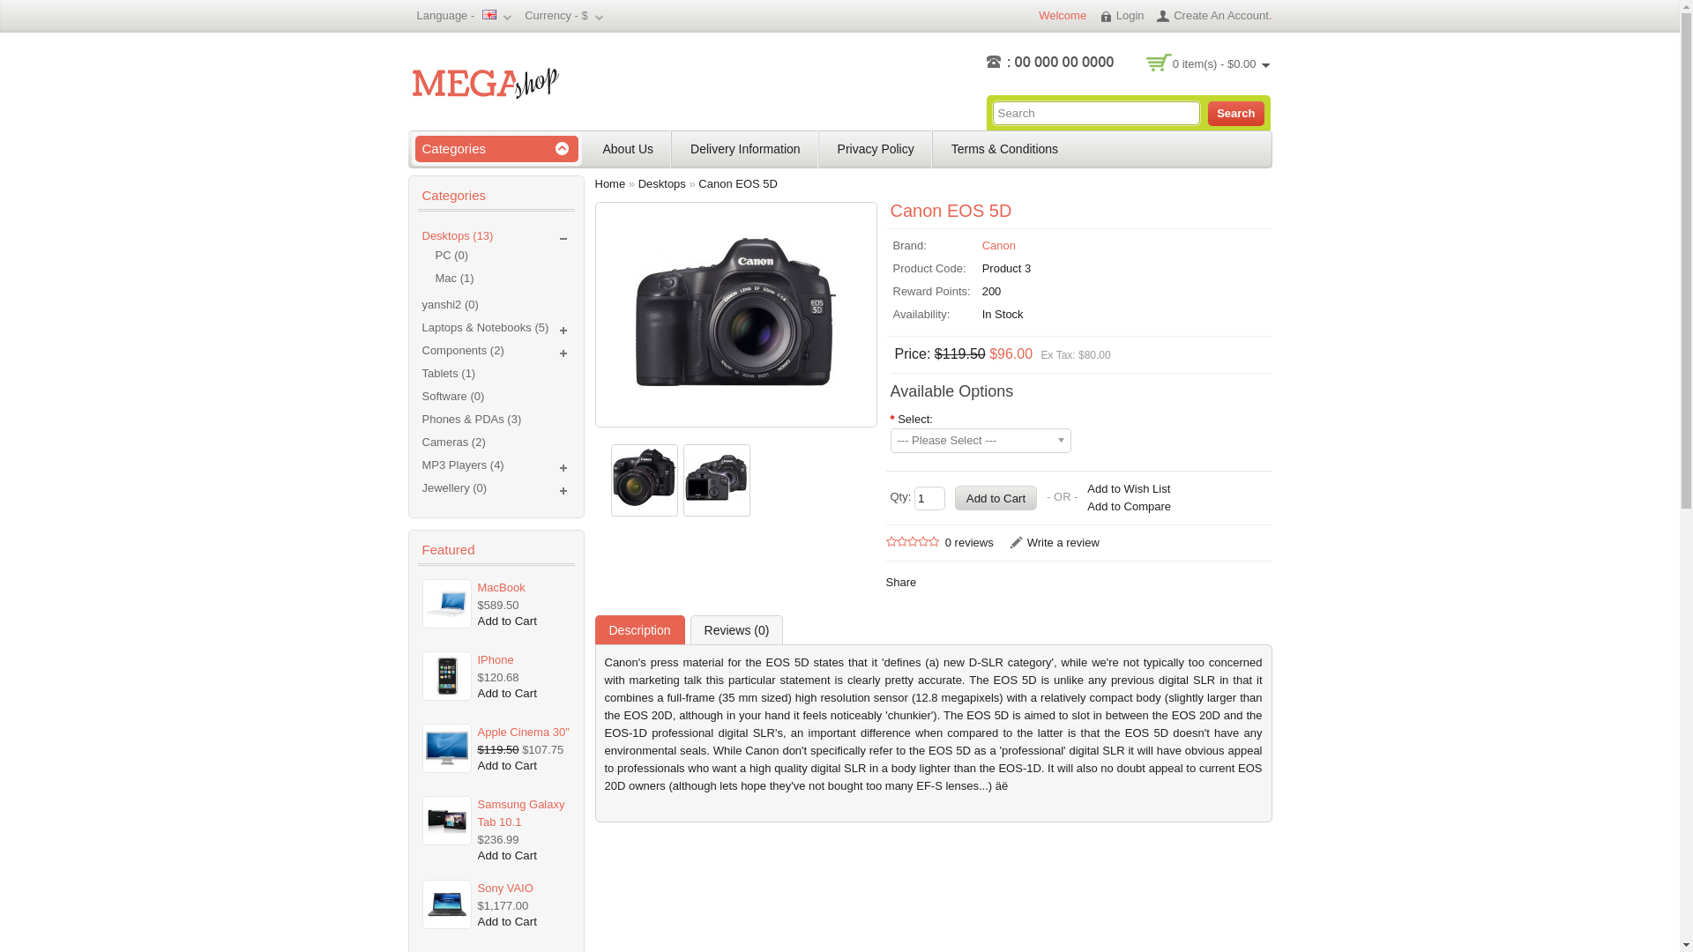 This screenshot has height=952, width=1693. I want to click on 'Software (0)', so click(421, 395).